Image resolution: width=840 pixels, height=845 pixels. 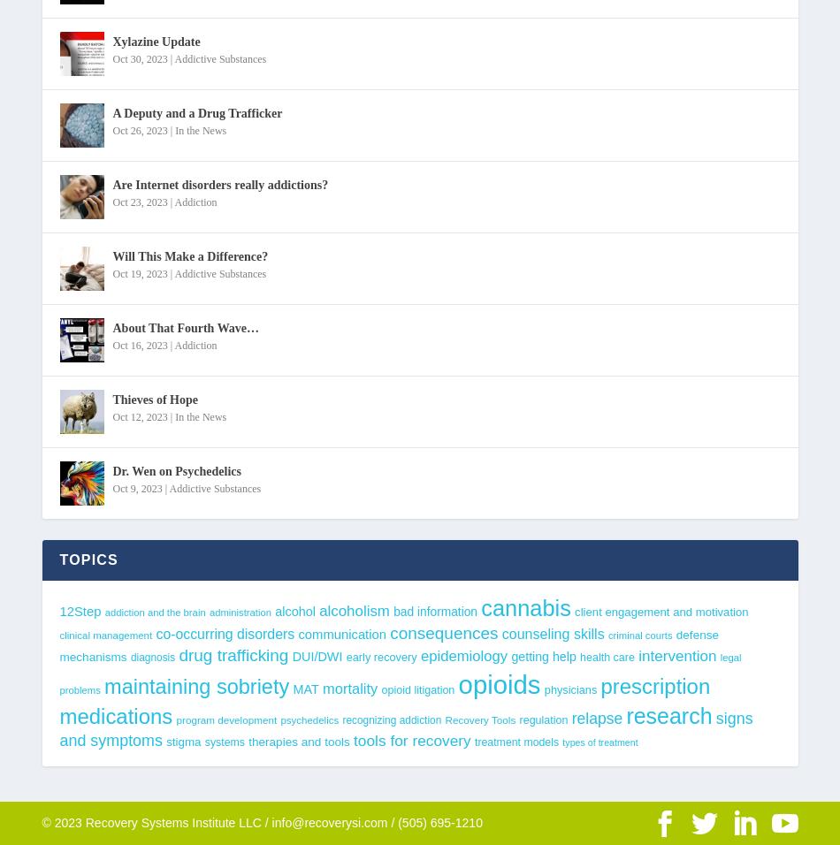 I want to click on 'client engagement and motivation', so click(x=661, y=611).